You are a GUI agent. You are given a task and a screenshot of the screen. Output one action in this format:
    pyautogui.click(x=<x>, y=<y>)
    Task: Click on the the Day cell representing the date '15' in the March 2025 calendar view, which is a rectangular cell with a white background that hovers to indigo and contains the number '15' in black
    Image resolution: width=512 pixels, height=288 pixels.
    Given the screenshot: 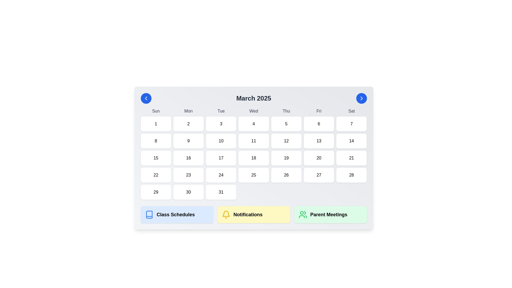 What is the action you would take?
    pyautogui.click(x=155, y=158)
    